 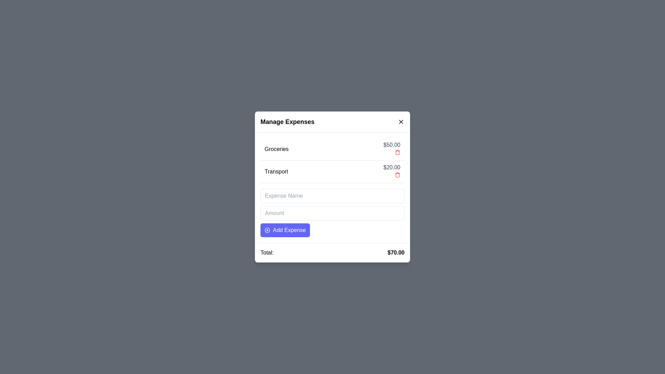 What do you see at coordinates (276, 149) in the screenshot?
I see `the text label 'Groceries', which is styled in black color and aligned to the left within a list layout` at bounding box center [276, 149].